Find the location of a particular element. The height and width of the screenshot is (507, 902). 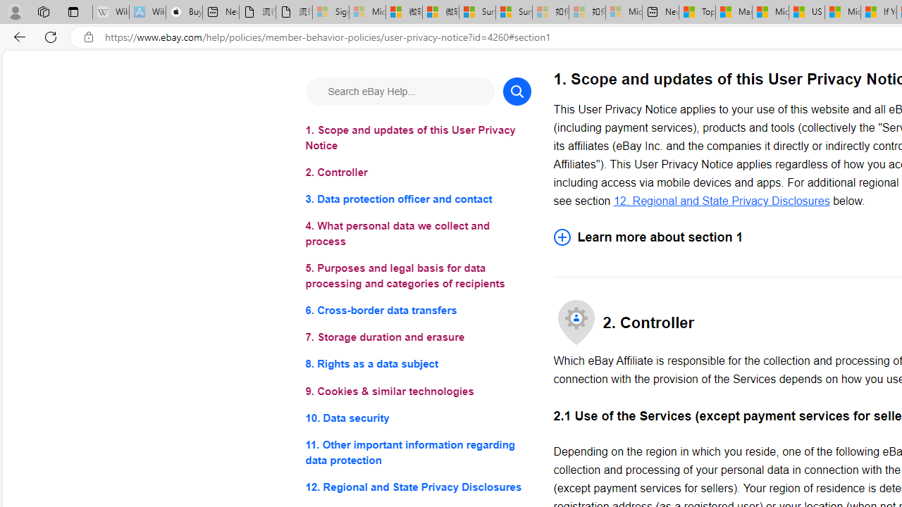

'Microsoft Services Agreement - Sleeping' is located at coordinates (366, 12).